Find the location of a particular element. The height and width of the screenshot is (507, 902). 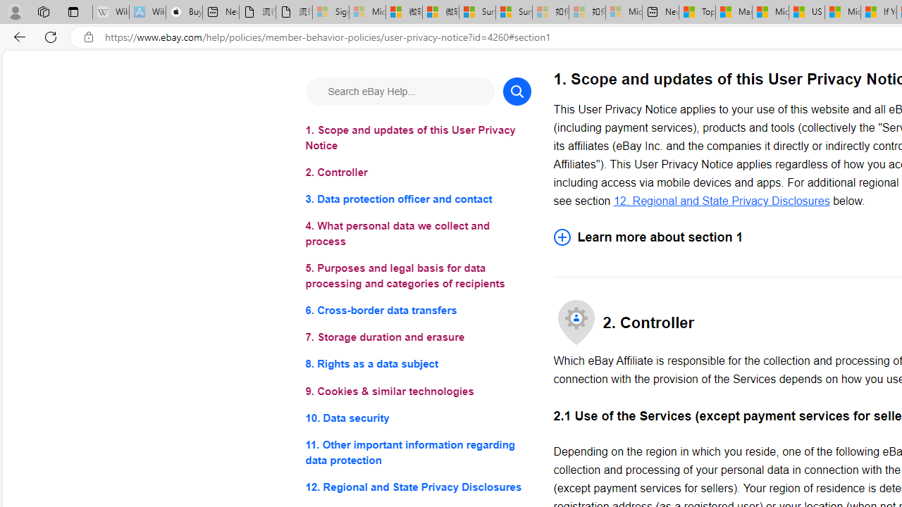

'Microsoft Services Agreement - Sleeping' is located at coordinates (366, 12).